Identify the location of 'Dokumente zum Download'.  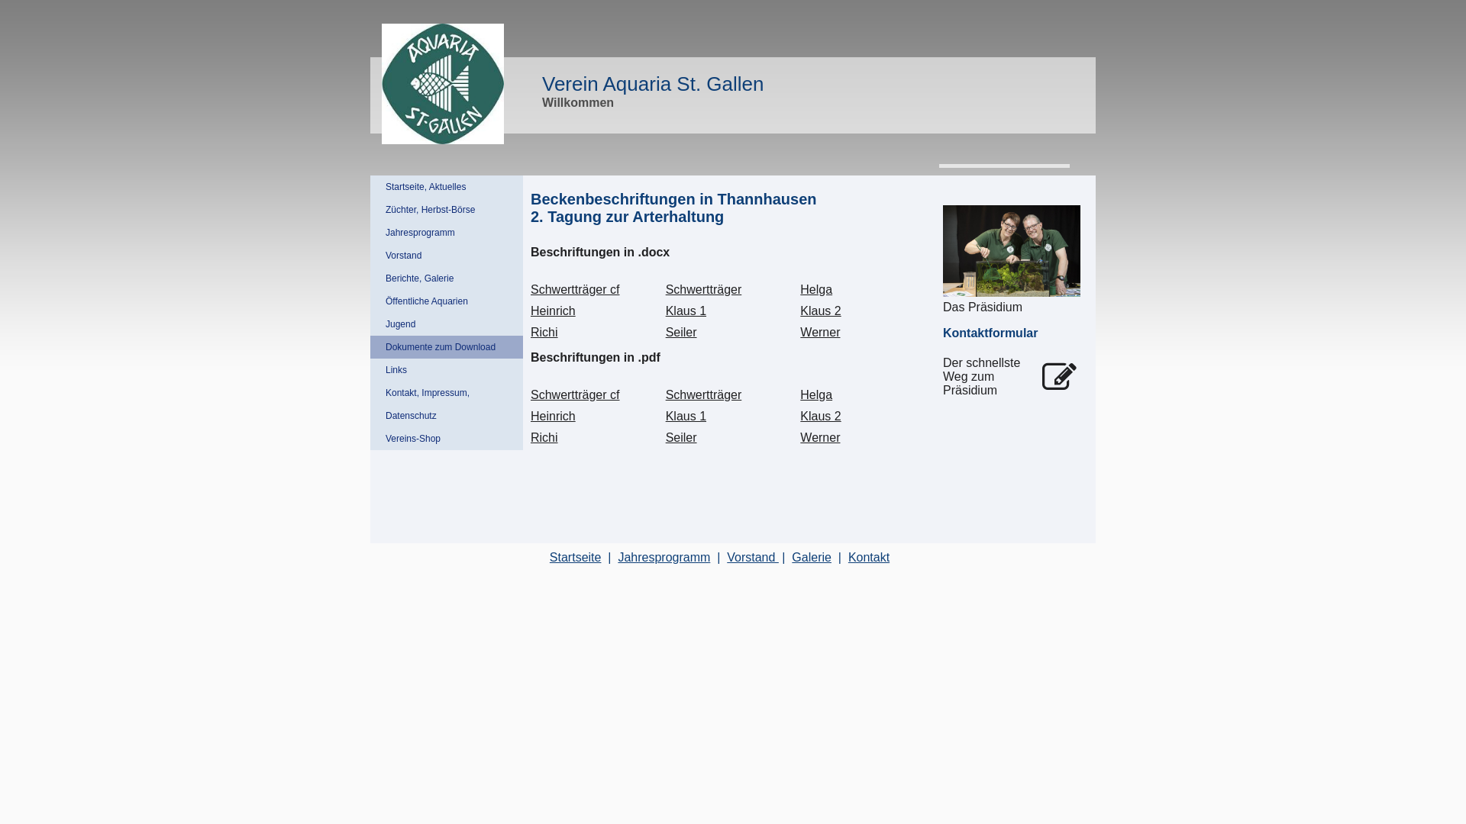
(446, 347).